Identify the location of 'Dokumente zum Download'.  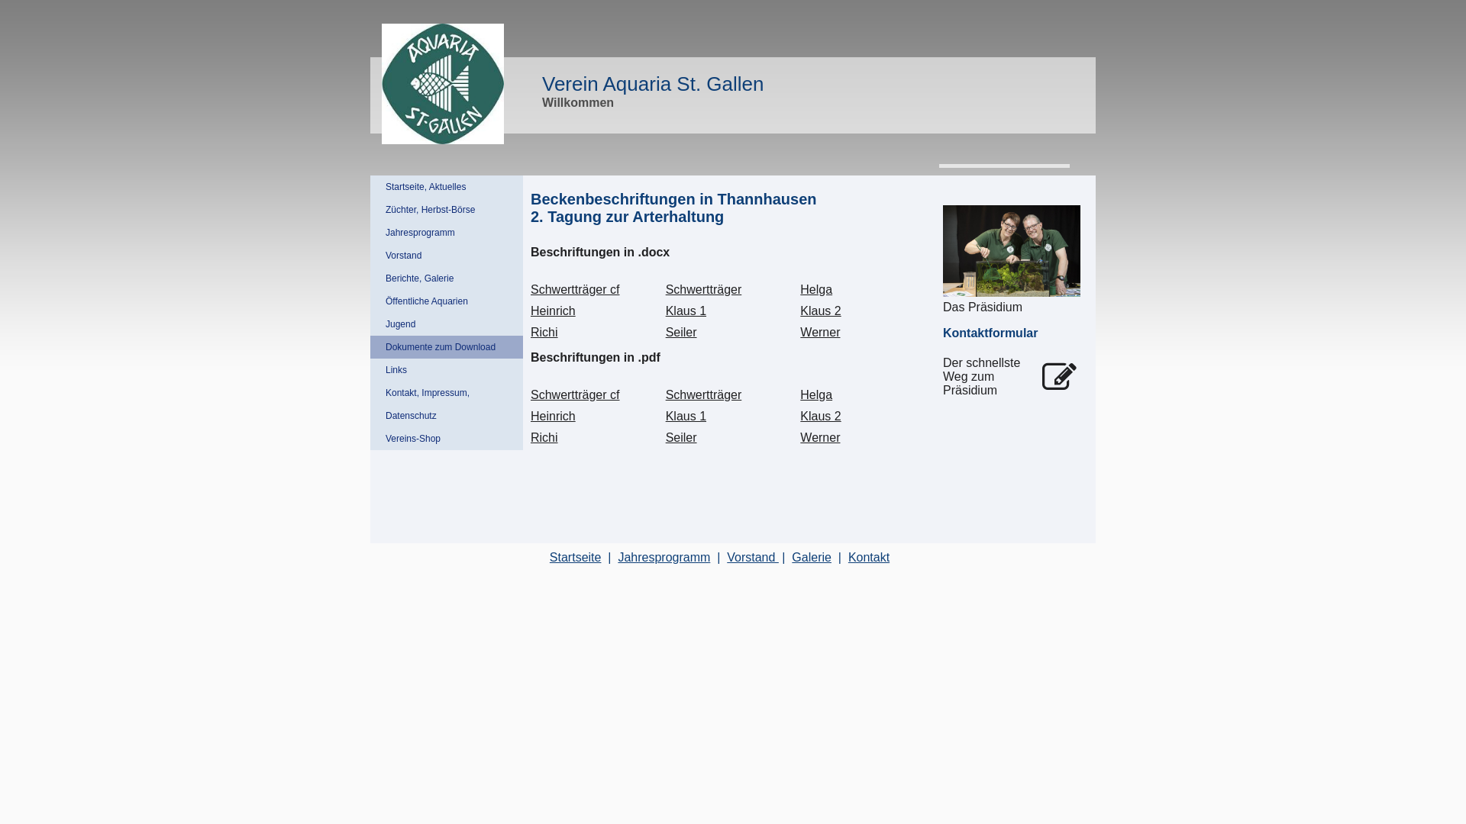
(446, 347).